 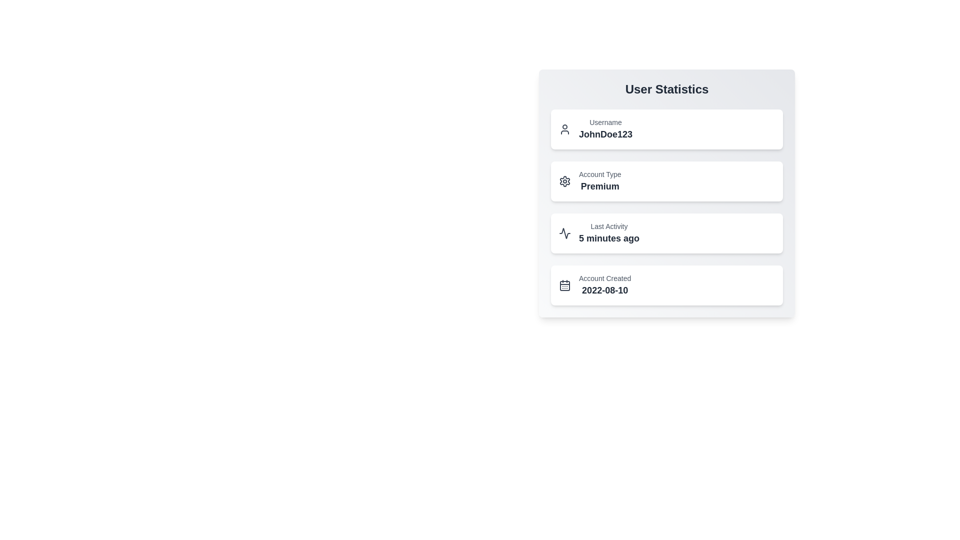 I want to click on the informational text display that shows the user's last recorded activity time, located in the third row of the user statistics panel, between 'Account Type' and 'Account Created', so click(x=608, y=233).